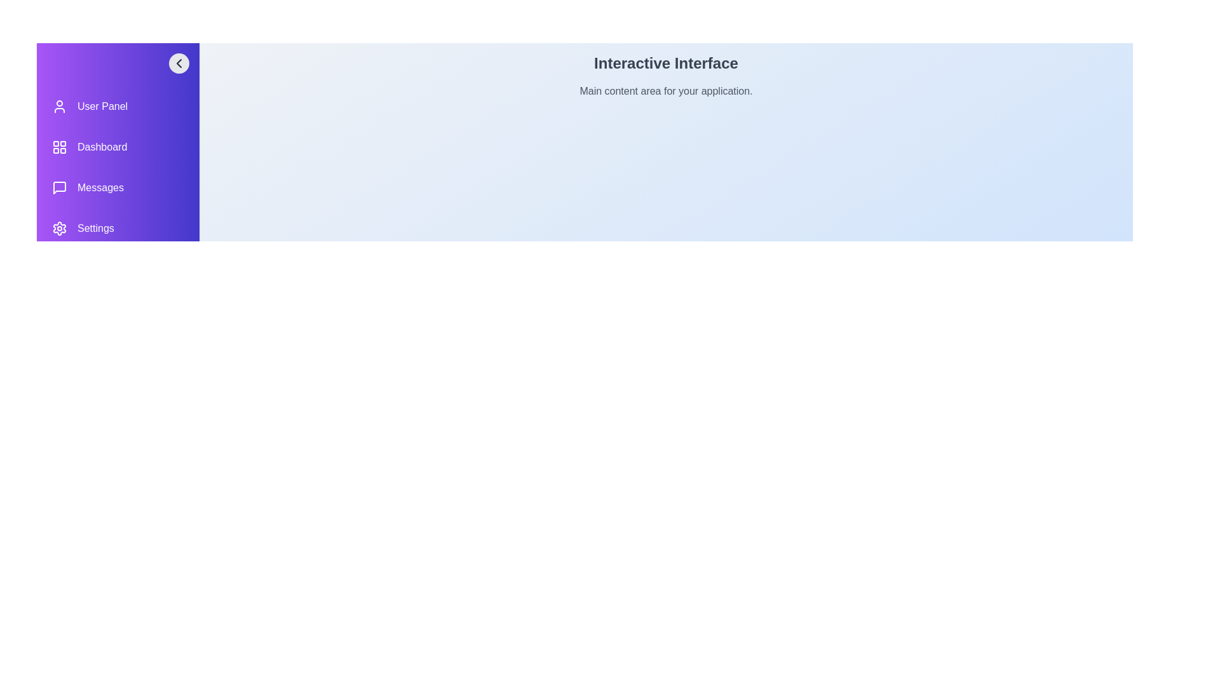 The height and width of the screenshot is (686, 1220). Describe the element at coordinates (179, 64) in the screenshot. I see `toggle button to expand or collapse the drawer` at that location.